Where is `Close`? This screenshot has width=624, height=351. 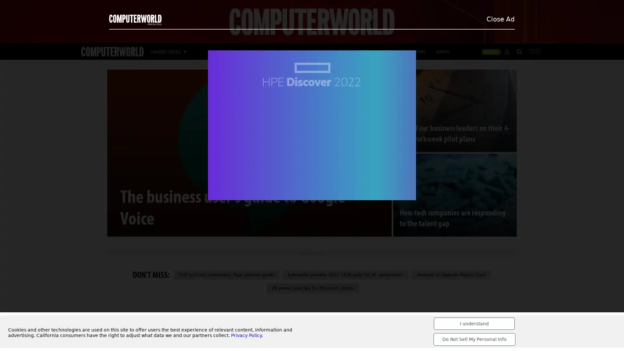
Close is located at coordinates (596, 9).